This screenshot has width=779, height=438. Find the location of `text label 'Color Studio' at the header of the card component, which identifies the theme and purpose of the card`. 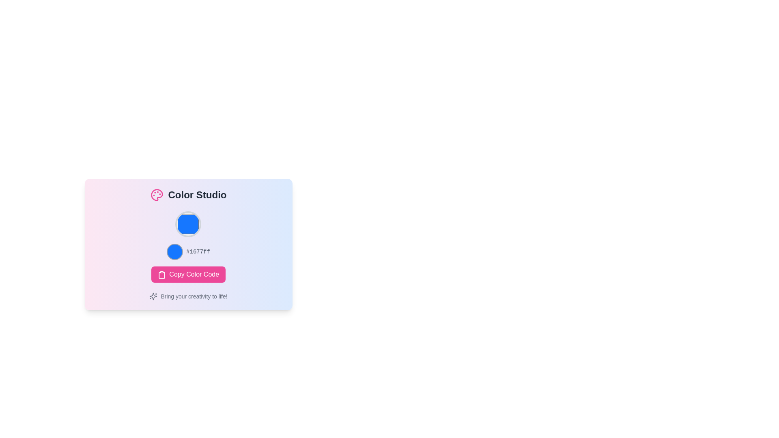

text label 'Color Studio' at the header of the card component, which identifies the theme and purpose of the card is located at coordinates (188, 195).